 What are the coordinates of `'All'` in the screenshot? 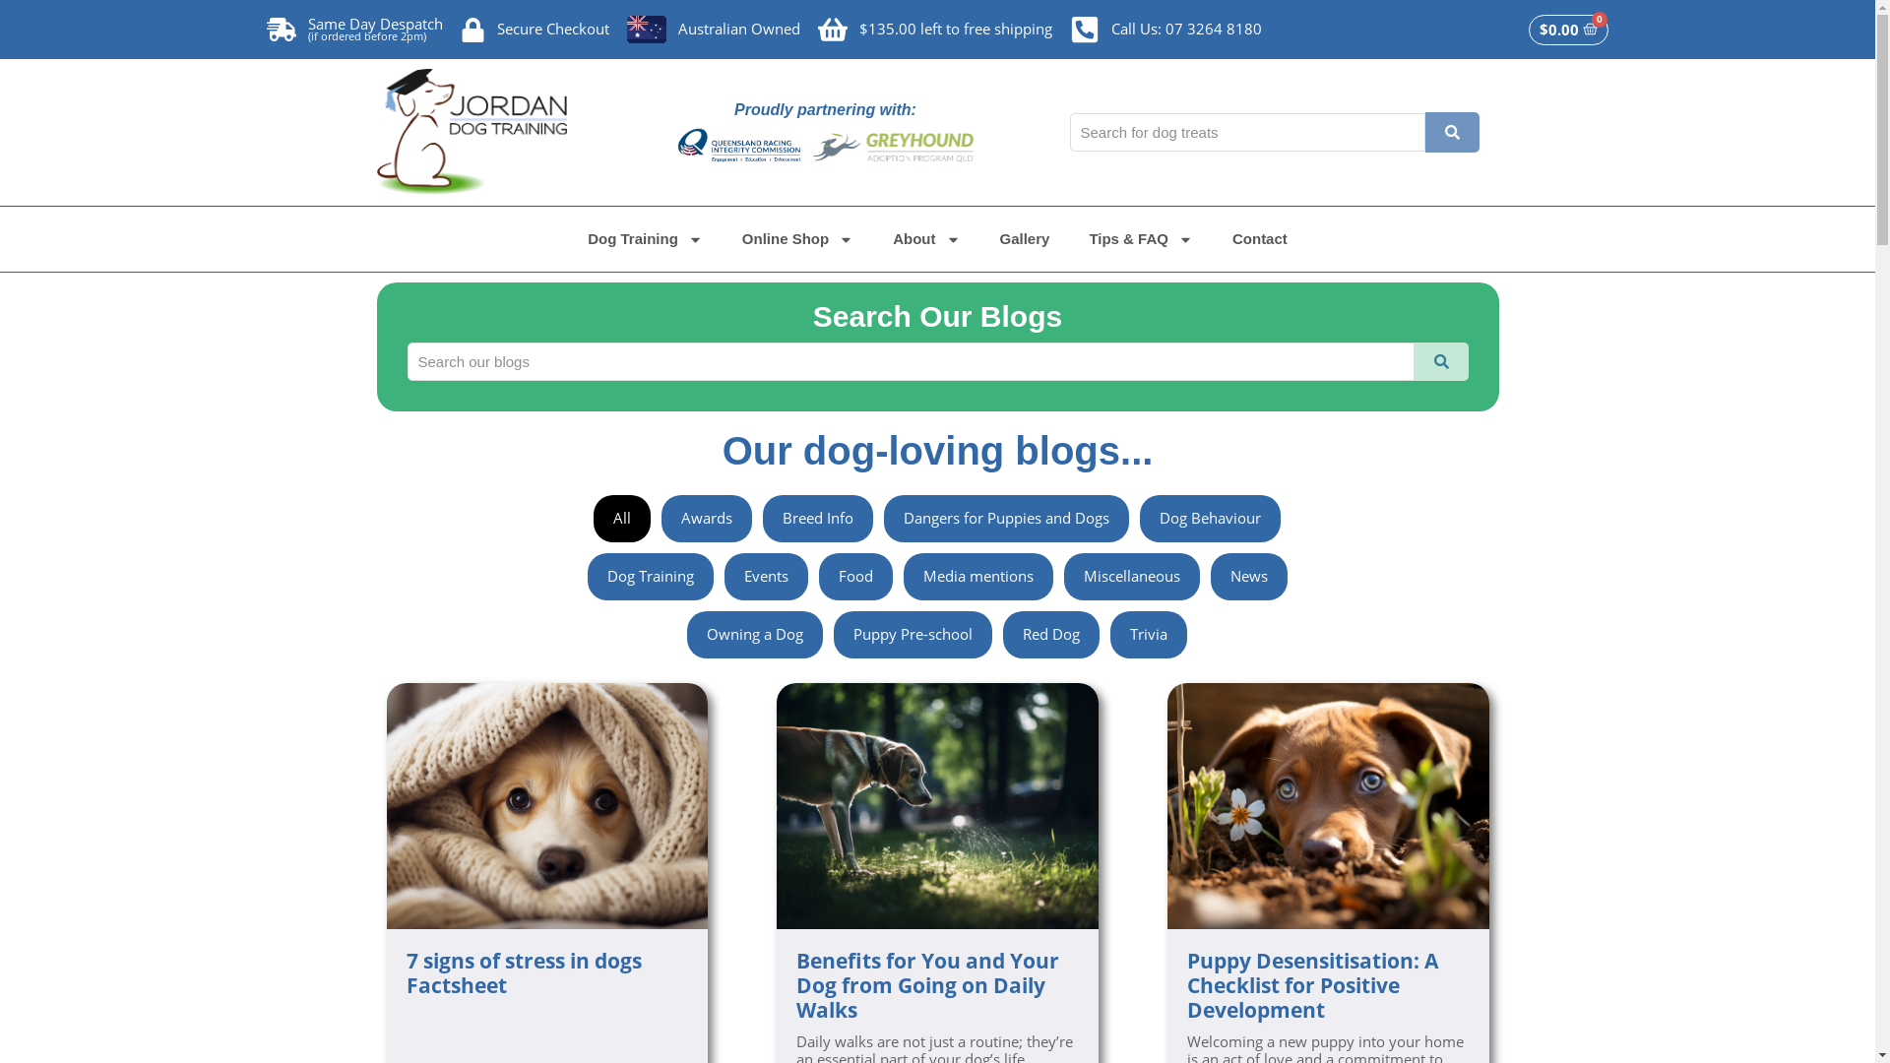 It's located at (621, 518).